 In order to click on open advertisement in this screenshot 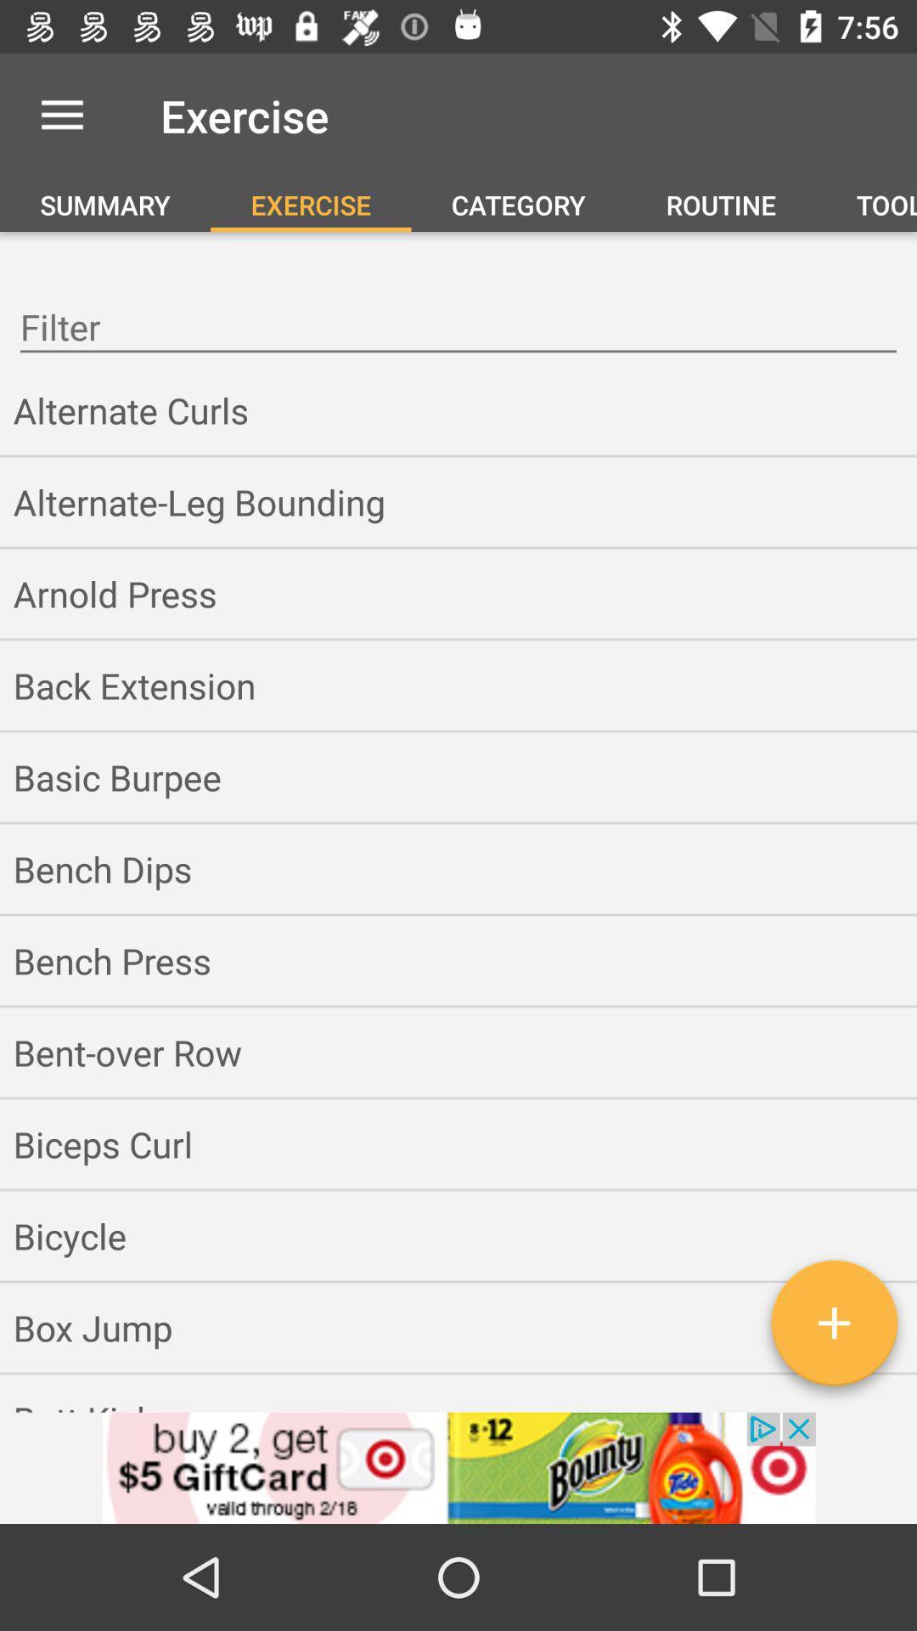, I will do `click(458, 1467)`.